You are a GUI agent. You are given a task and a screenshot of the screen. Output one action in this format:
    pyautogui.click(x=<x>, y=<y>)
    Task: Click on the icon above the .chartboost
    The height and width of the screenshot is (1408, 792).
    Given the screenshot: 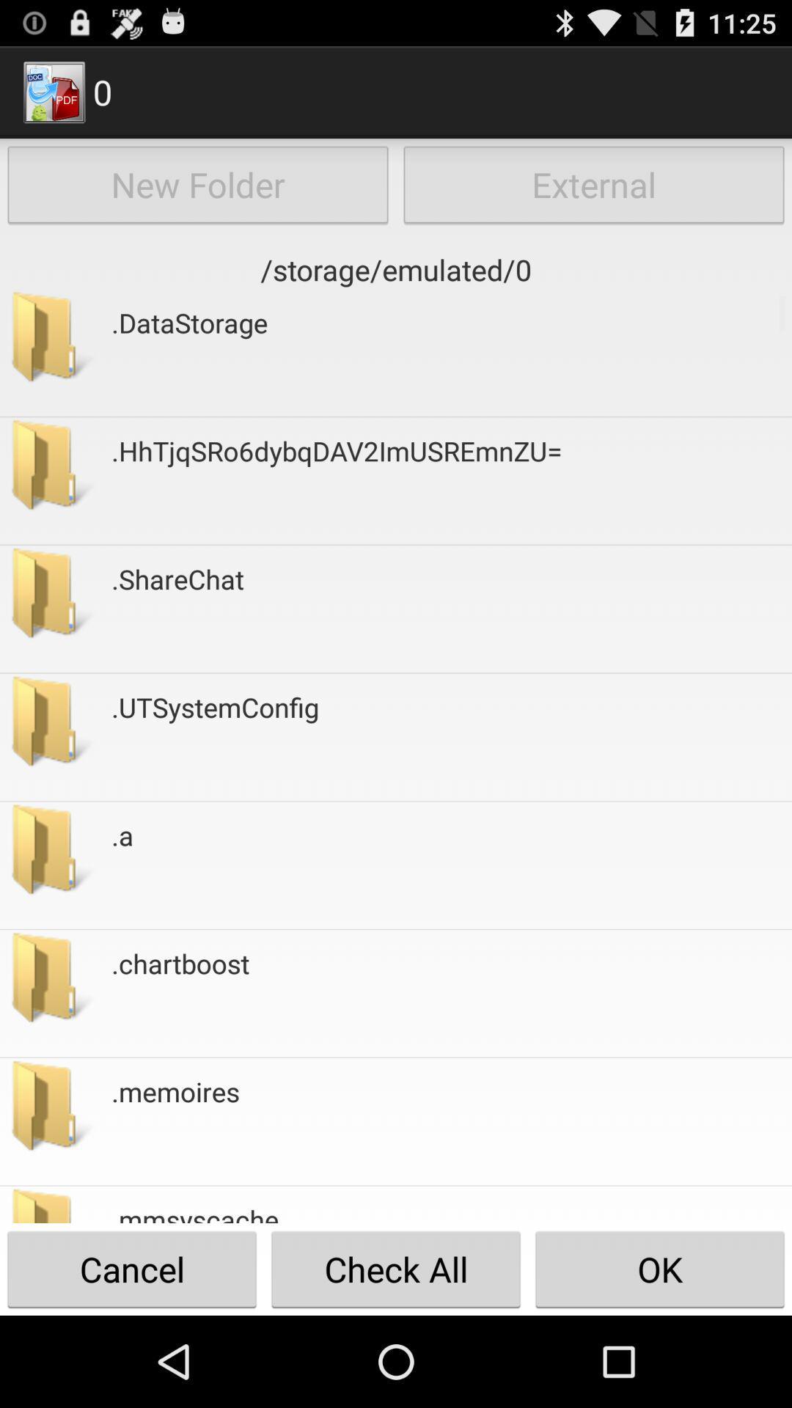 What is the action you would take?
    pyautogui.click(x=122, y=865)
    